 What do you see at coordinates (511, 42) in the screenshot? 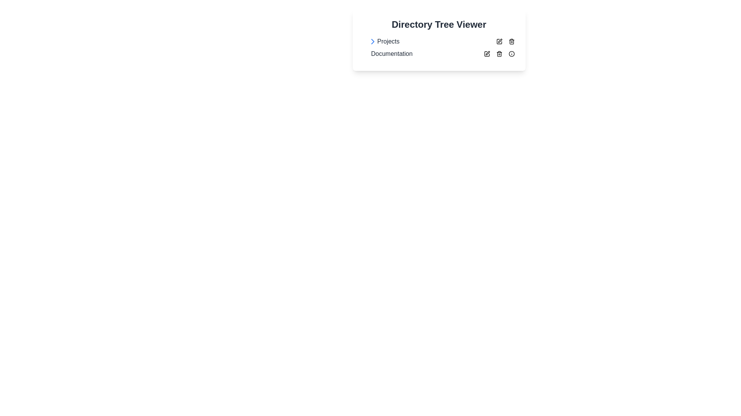
I see `the trash can icon button located in the upper-right corner of the card interface` at bounding box center [511, 42].